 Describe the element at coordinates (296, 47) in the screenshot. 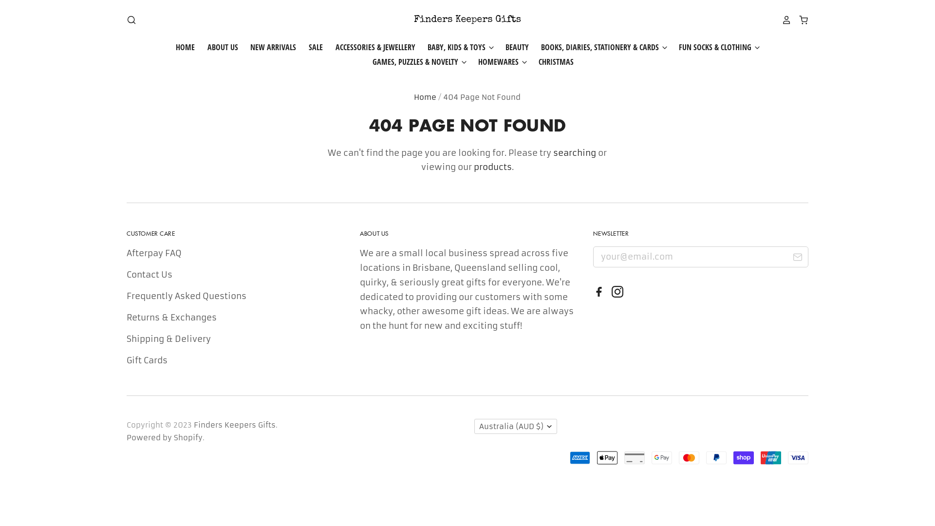

I see `'SALE'` at that location.